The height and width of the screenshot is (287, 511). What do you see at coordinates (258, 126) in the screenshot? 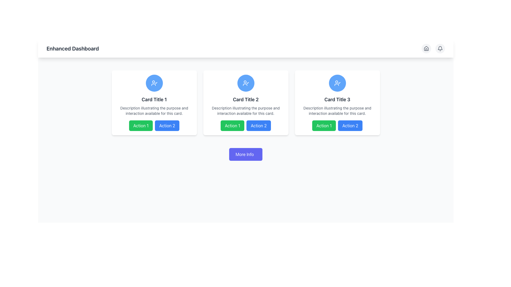
I see `the second button in the horizontal pair within the card titled 'Card Title 2'` at bounding box center [258, 126].